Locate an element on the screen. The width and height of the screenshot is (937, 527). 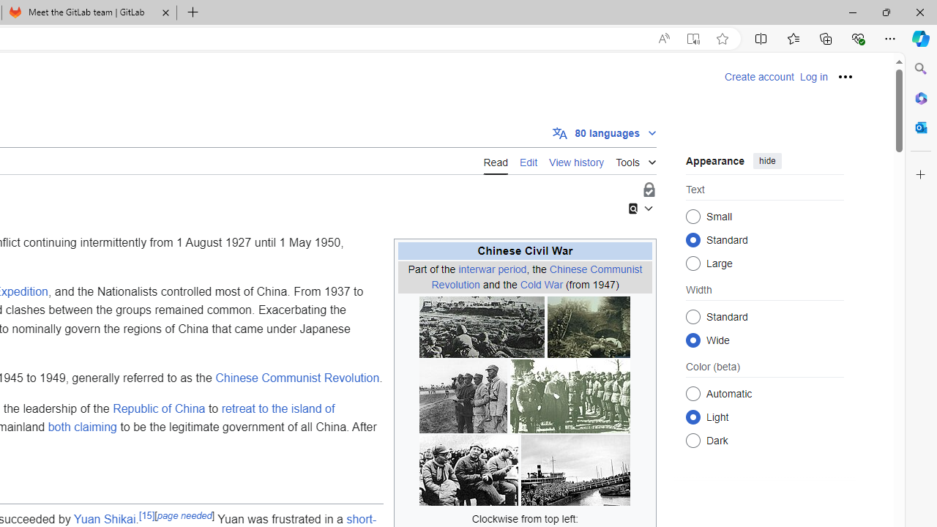
'Cold War' is located at coordinates (540, 284).